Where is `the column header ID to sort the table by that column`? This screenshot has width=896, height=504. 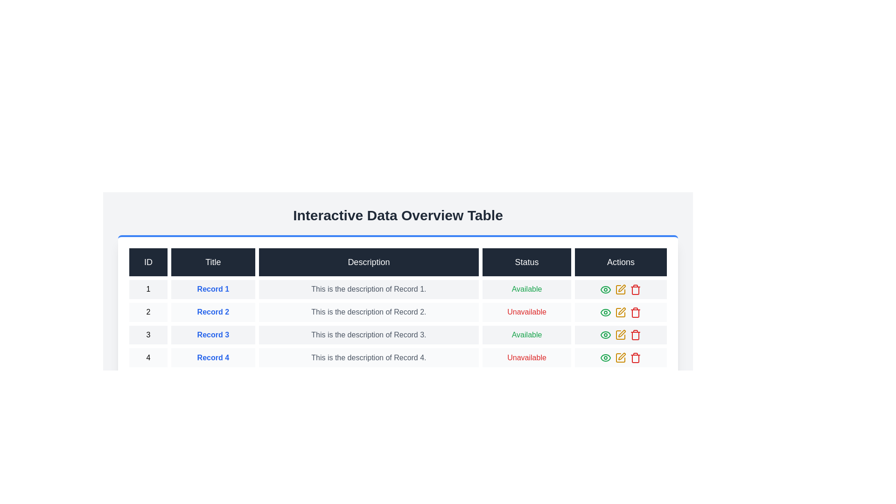 the column header ID to sort the table by that column is located at coordinates (147, 262).